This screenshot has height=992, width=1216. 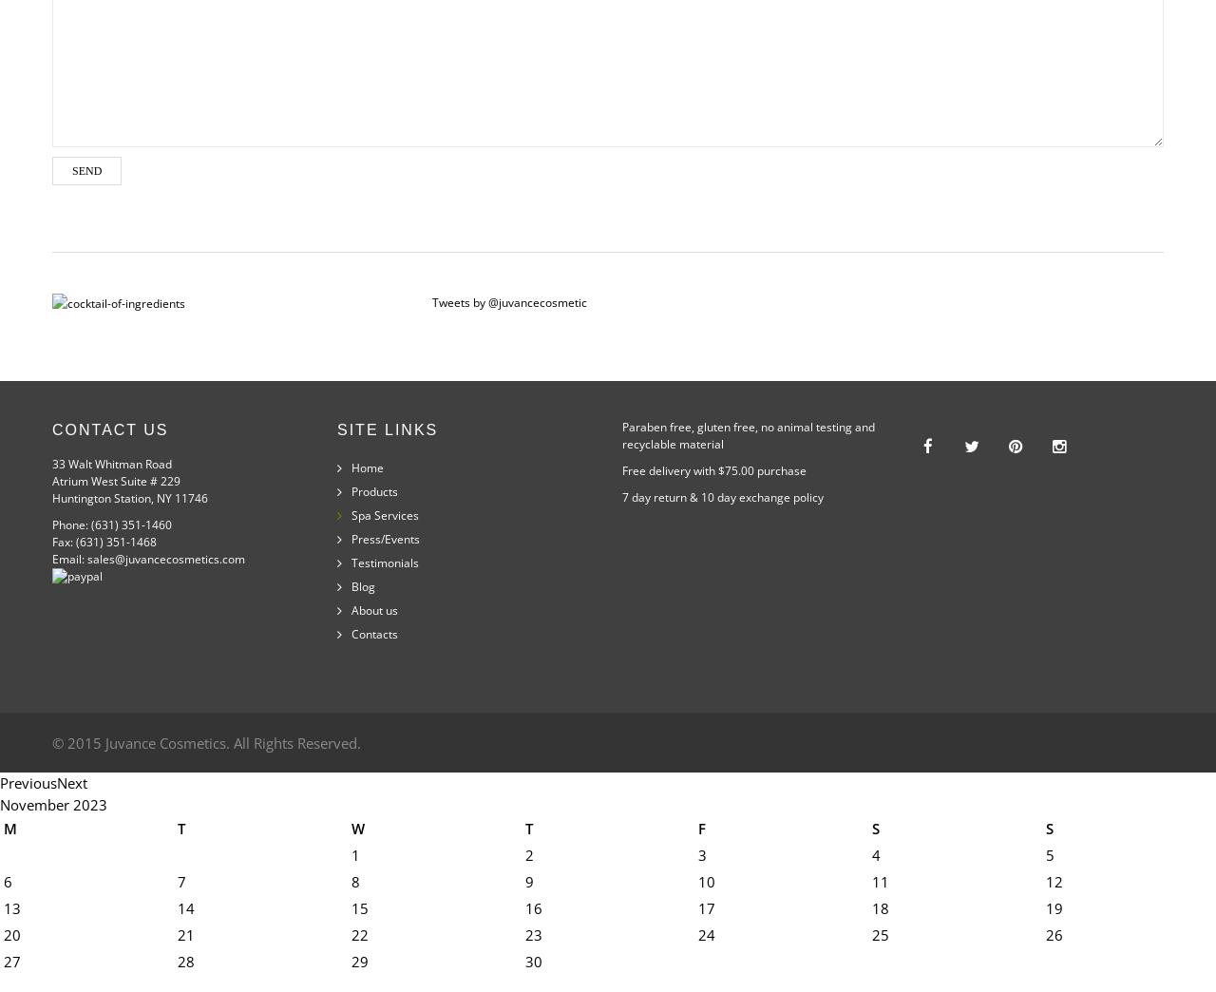 I want to click on '7', so click(x=180, y=881).